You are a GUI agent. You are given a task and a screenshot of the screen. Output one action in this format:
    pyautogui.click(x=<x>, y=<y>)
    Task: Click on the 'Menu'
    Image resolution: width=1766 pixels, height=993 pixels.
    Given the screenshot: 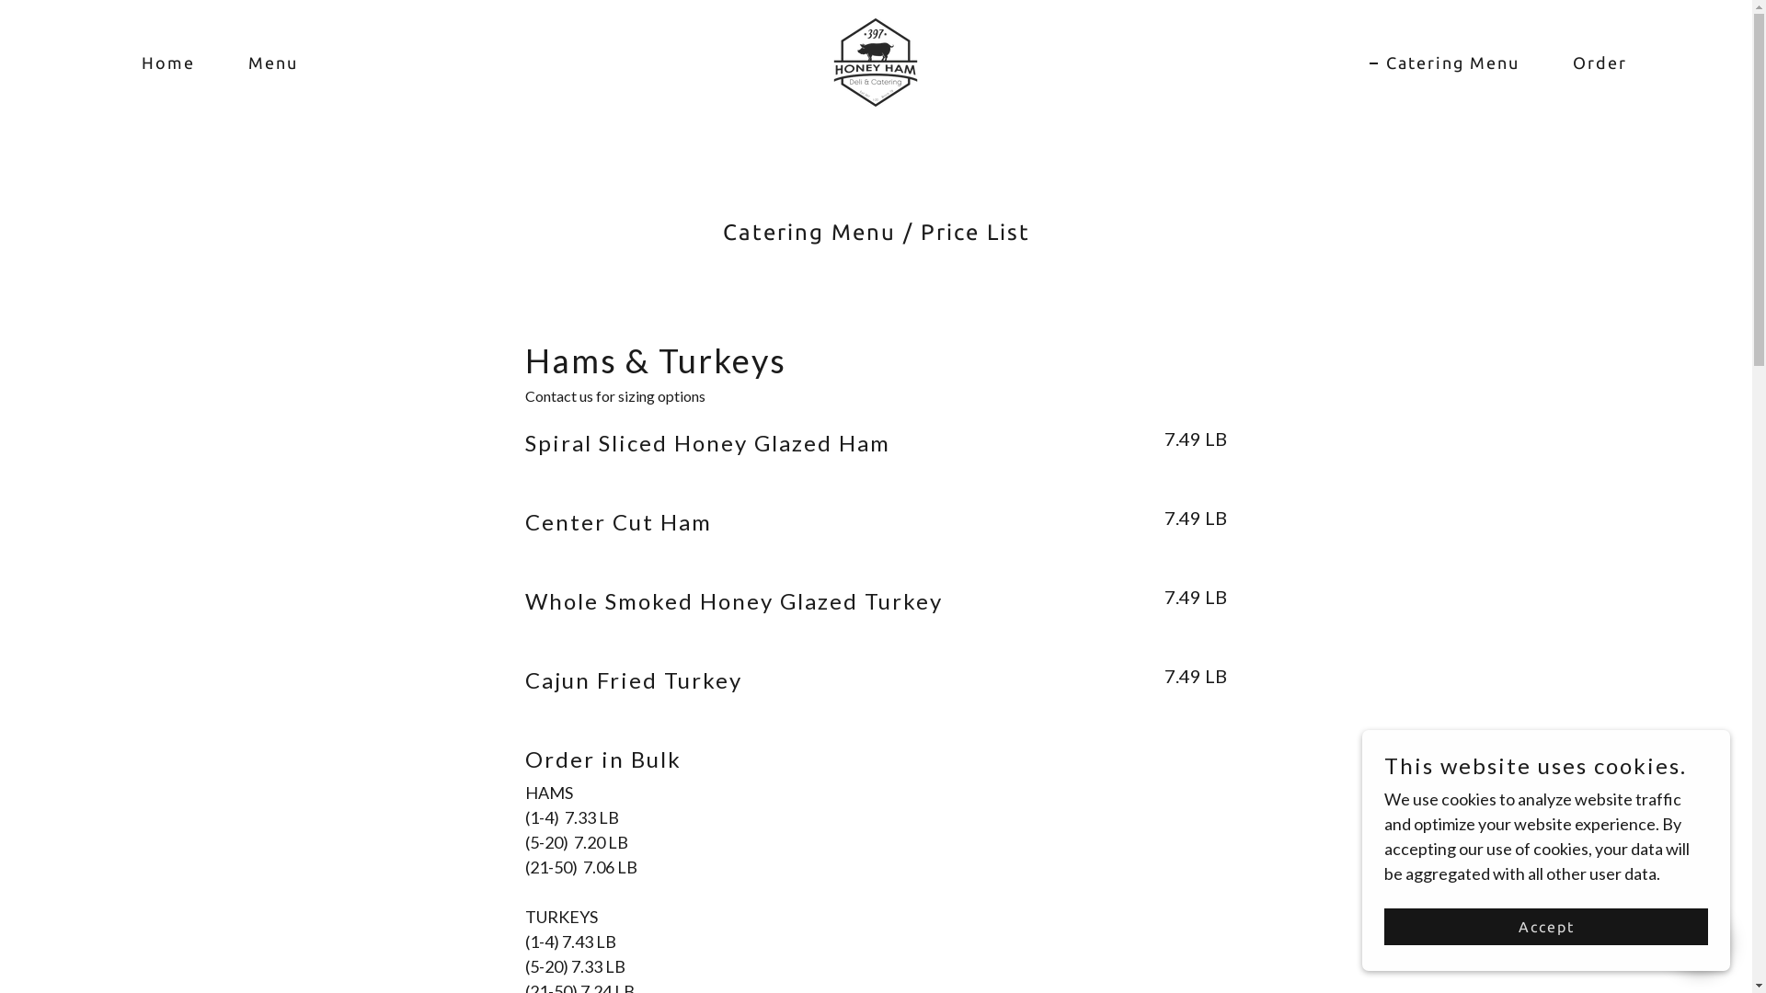 What is the action you would take?
    pyautogui.click(x=264, y=62)
    